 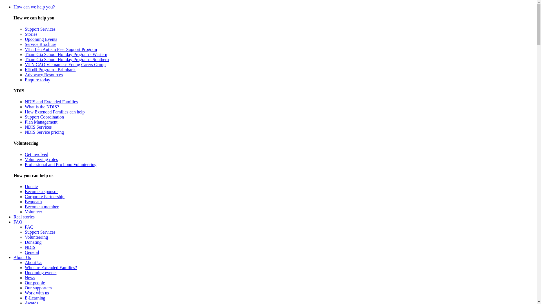 I want to click on 'Plan Management', so click(x=41, y=122).